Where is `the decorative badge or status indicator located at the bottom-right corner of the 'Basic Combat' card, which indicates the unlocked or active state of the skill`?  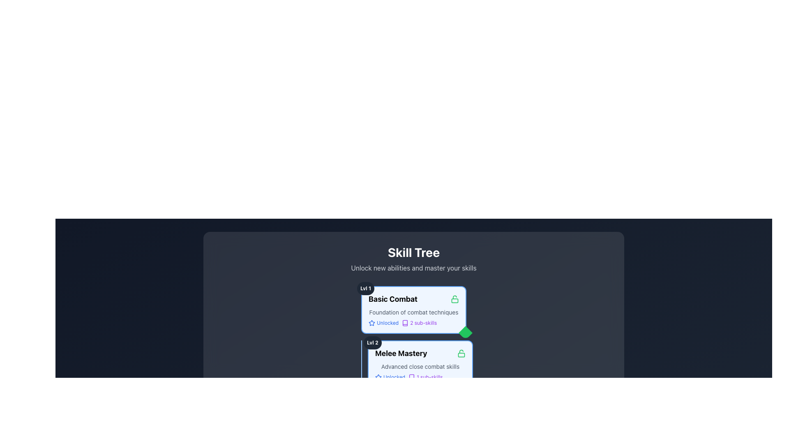 the decorative badge or status indicator located at the bottom-right corner of the 'Basic Combat' card, which indicates the unlocked or active state of the skill is located at coordinates (465, 333).